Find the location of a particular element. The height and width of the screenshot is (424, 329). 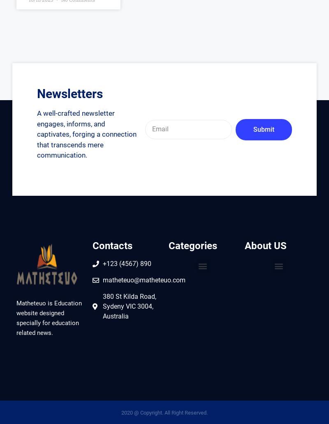

'About US' is located at coordinates (265, 245).